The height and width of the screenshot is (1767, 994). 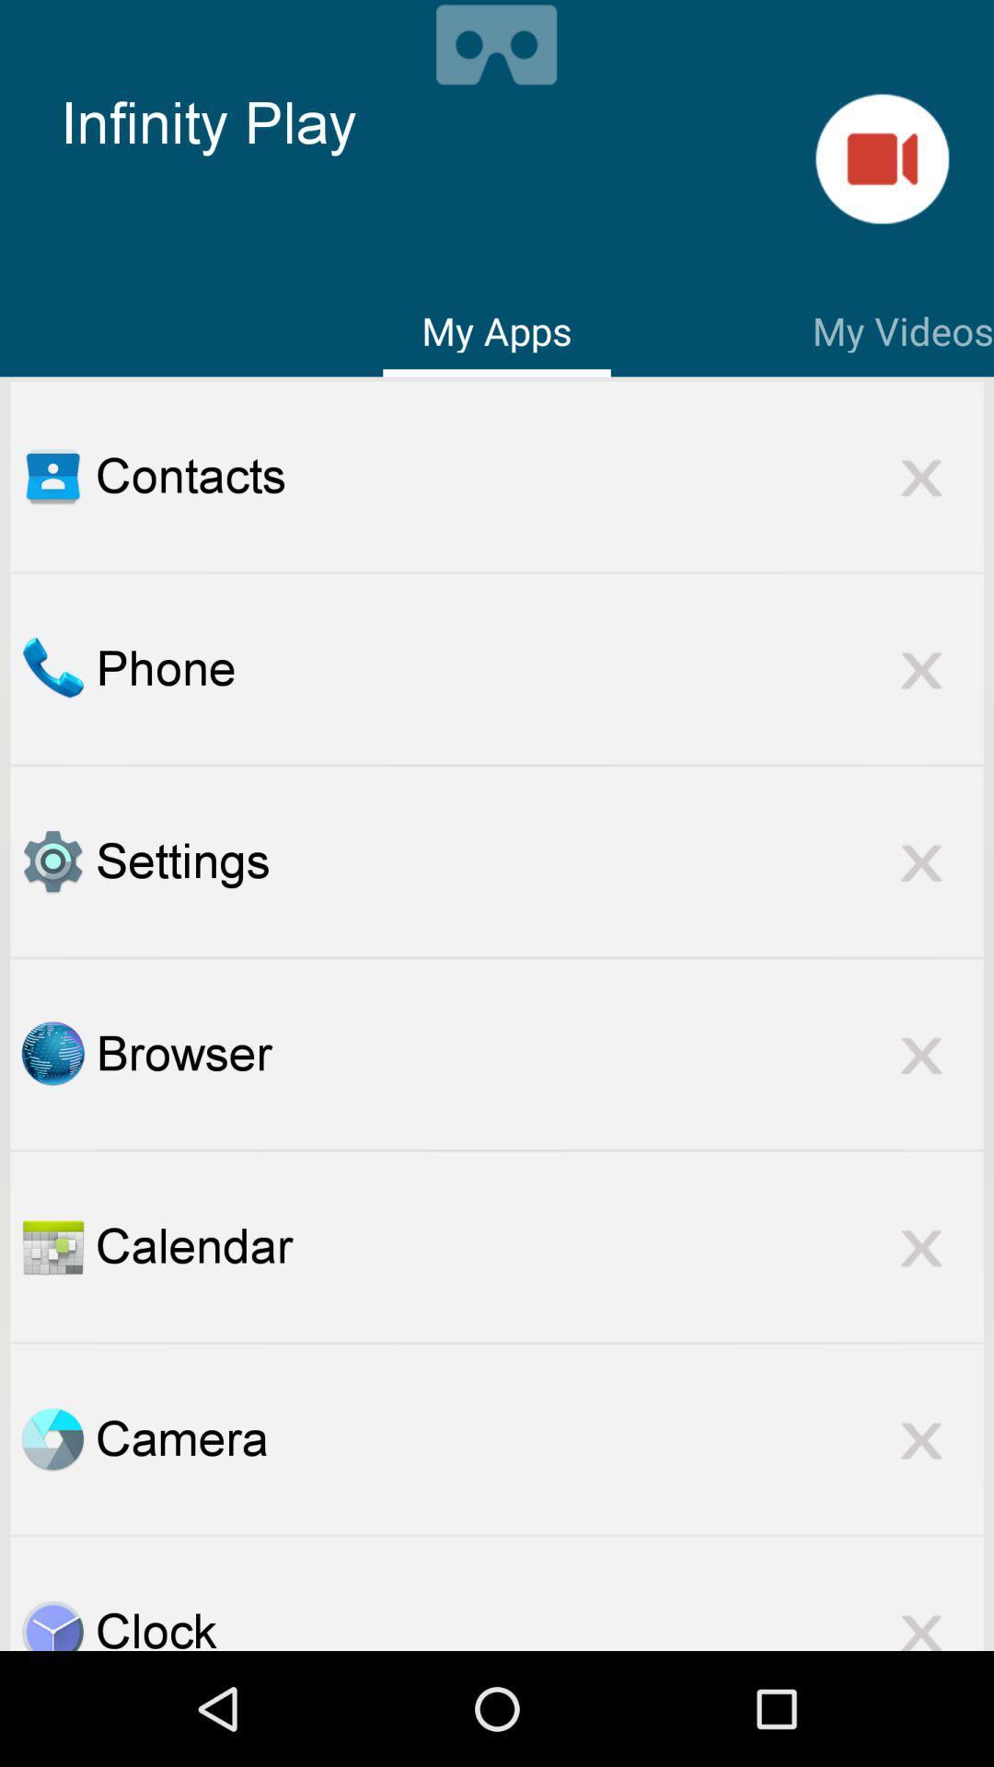 I want to click on select close, so click(x=921, y=1620).